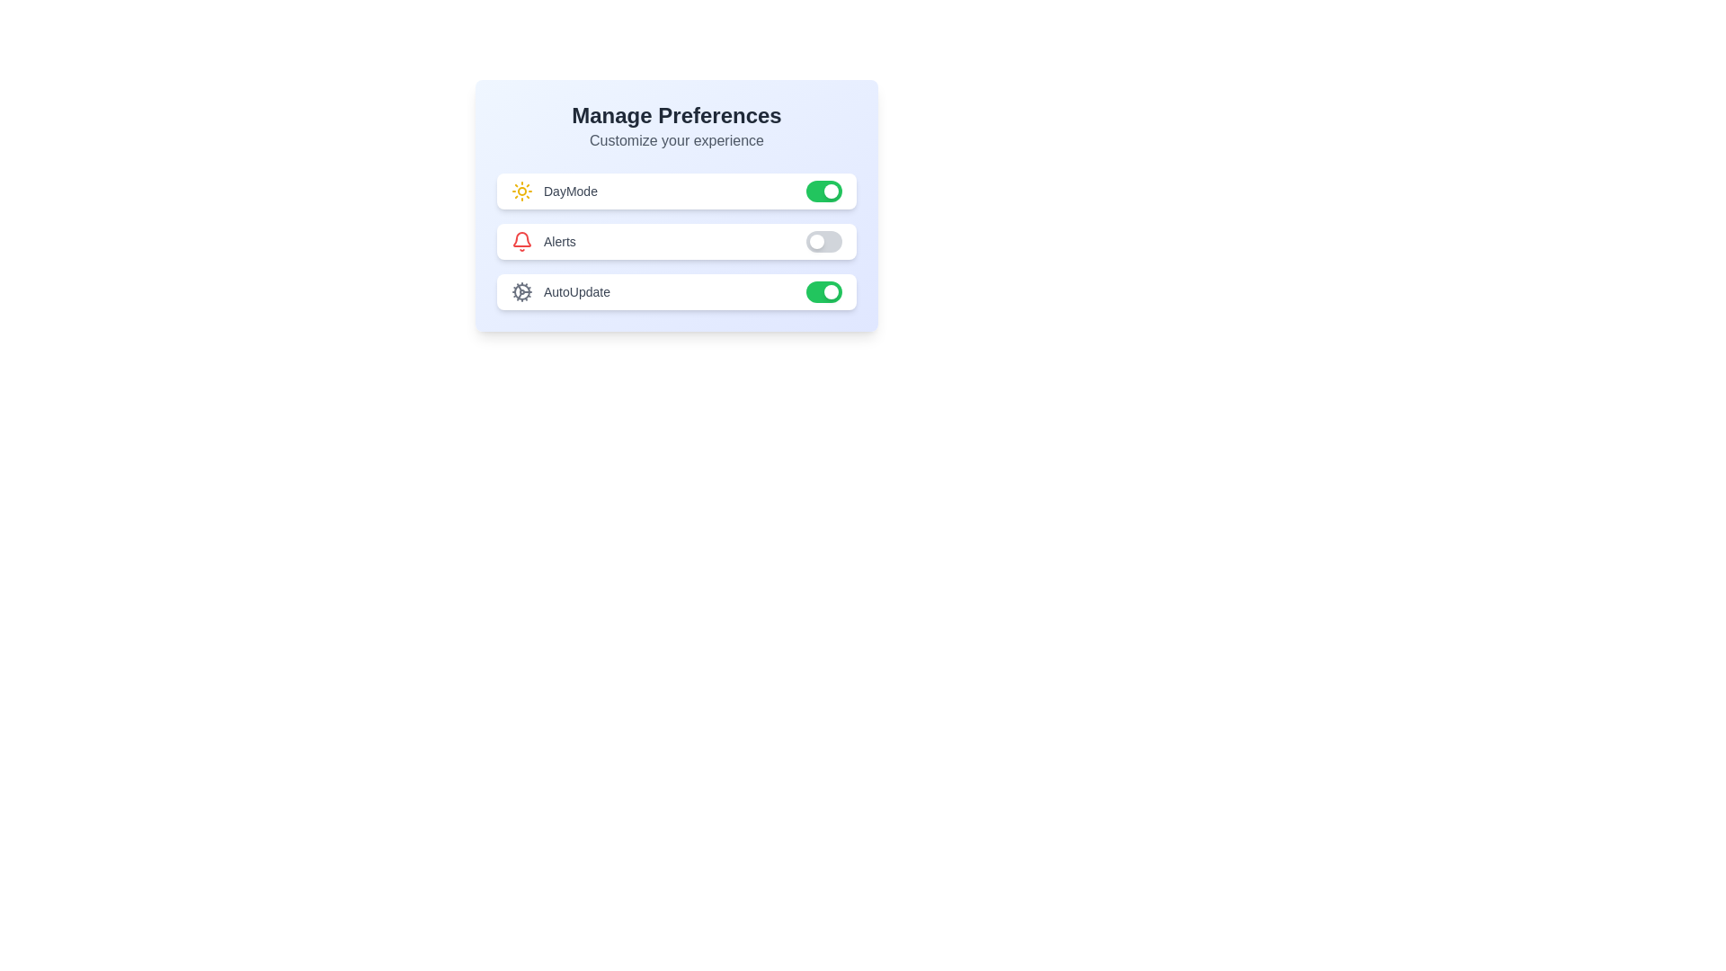 The height and width of the screenshot is (971, 1726). Describe the element at coordinates (831, 290) in the screenshot. I see `the small white circular handle of the AutoUpdate toggle switch, positioned towards the right edge inside the green background` at that location.